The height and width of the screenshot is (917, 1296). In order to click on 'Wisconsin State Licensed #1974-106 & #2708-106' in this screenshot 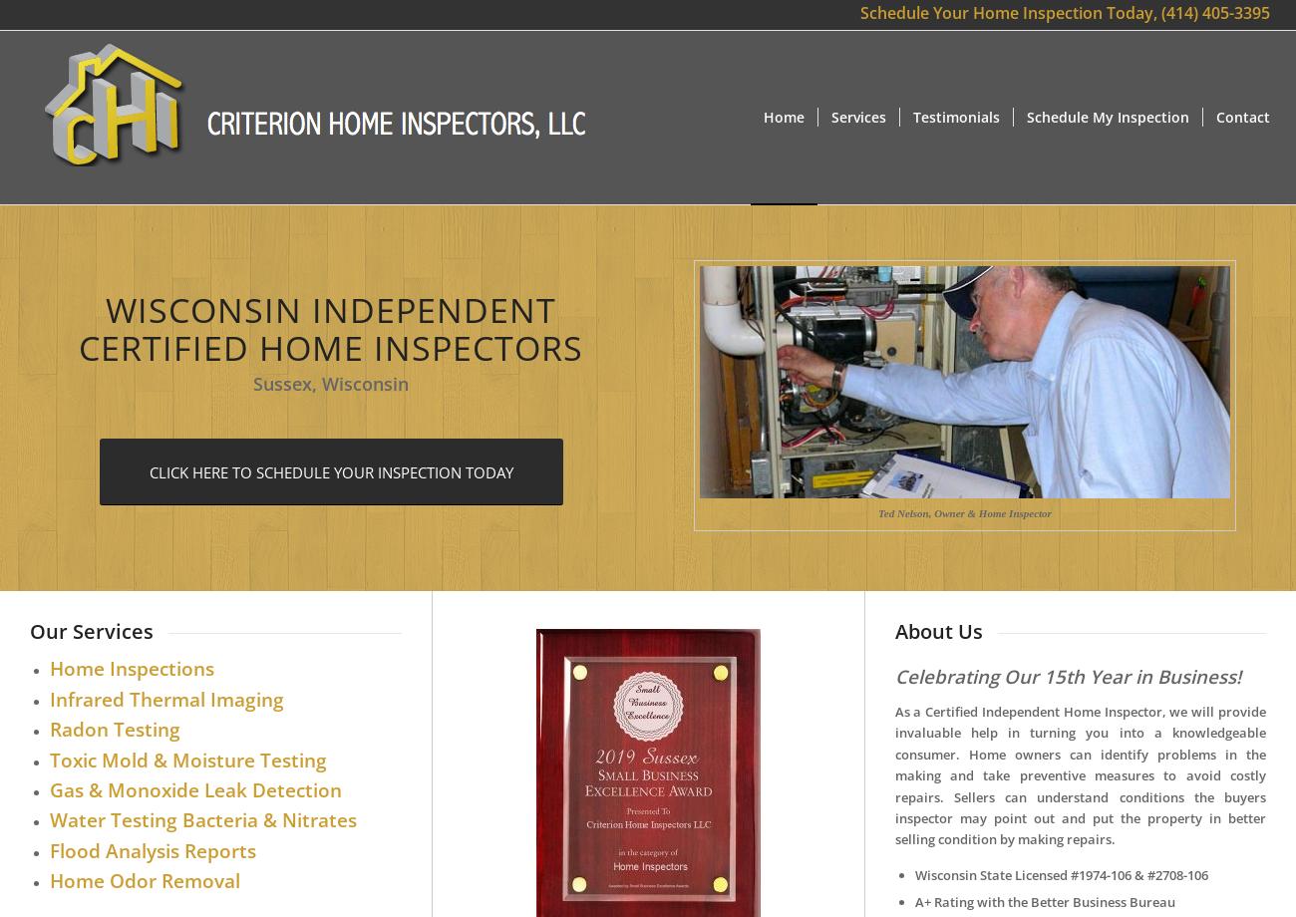, I will do `click(1061, 873)`.